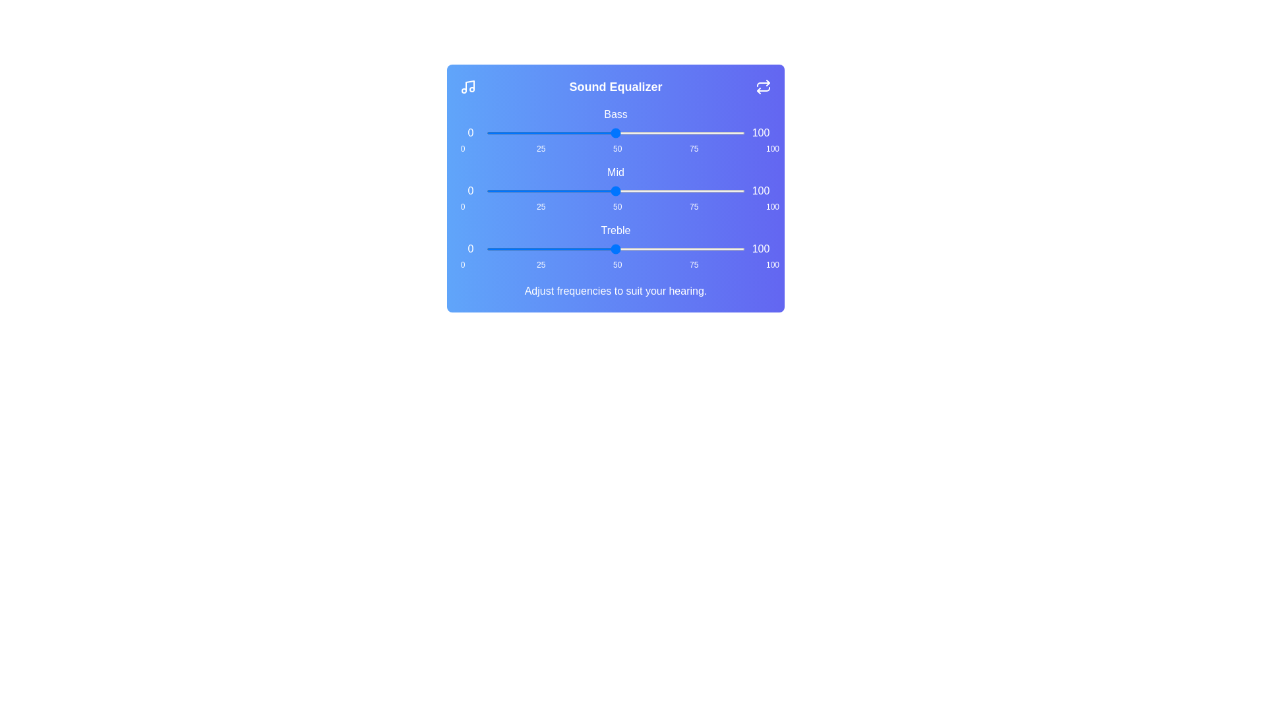 Image resolution: width=1266 pixels, height=712 pixels. What do you see at coordinates (723, 191) in the screenshot?
I see `the 'mid' slider to 92` at bounding box center [723, 191].